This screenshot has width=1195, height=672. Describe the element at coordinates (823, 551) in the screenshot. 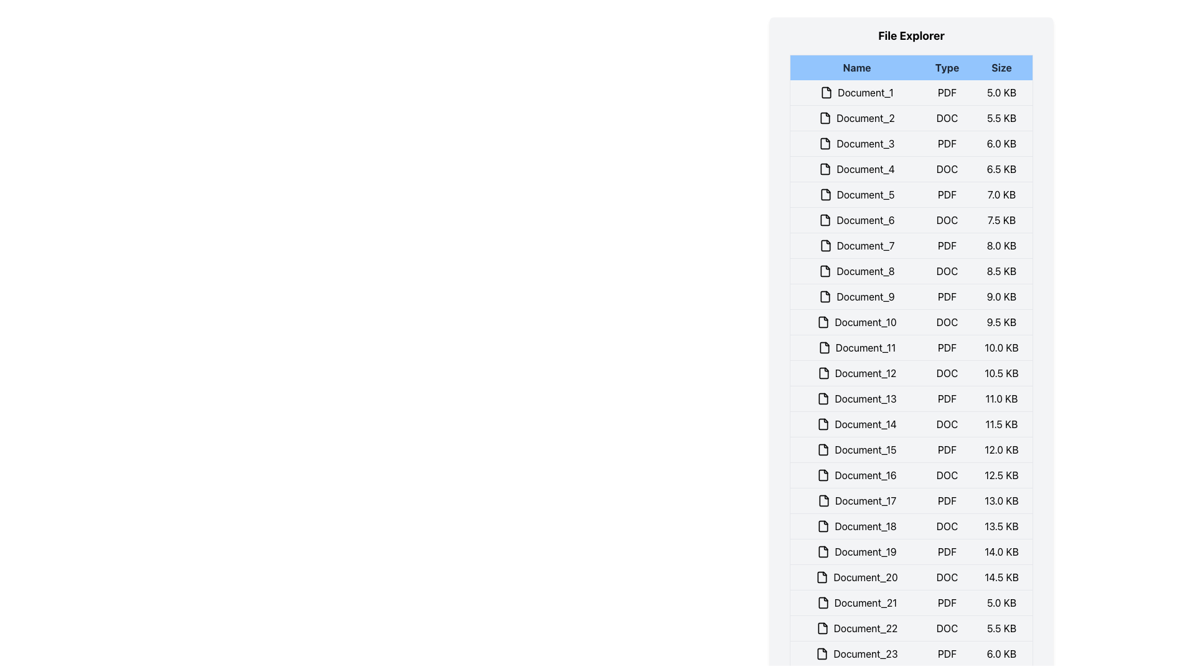

I see `the SVG graphical icon representing the file item located to the left of the entry labeled 'Document_19' in the file explorer` at that location.